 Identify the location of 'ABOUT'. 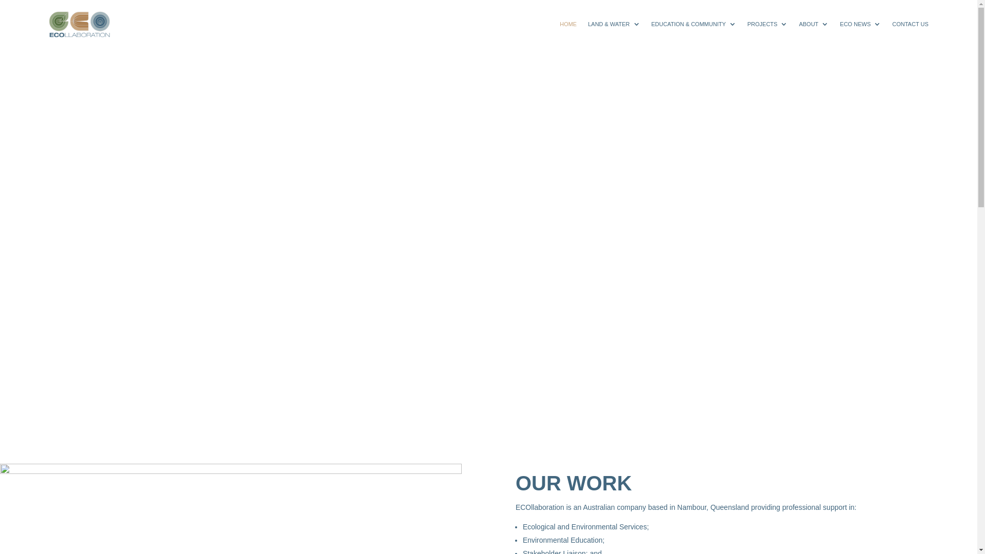
(813, 24).